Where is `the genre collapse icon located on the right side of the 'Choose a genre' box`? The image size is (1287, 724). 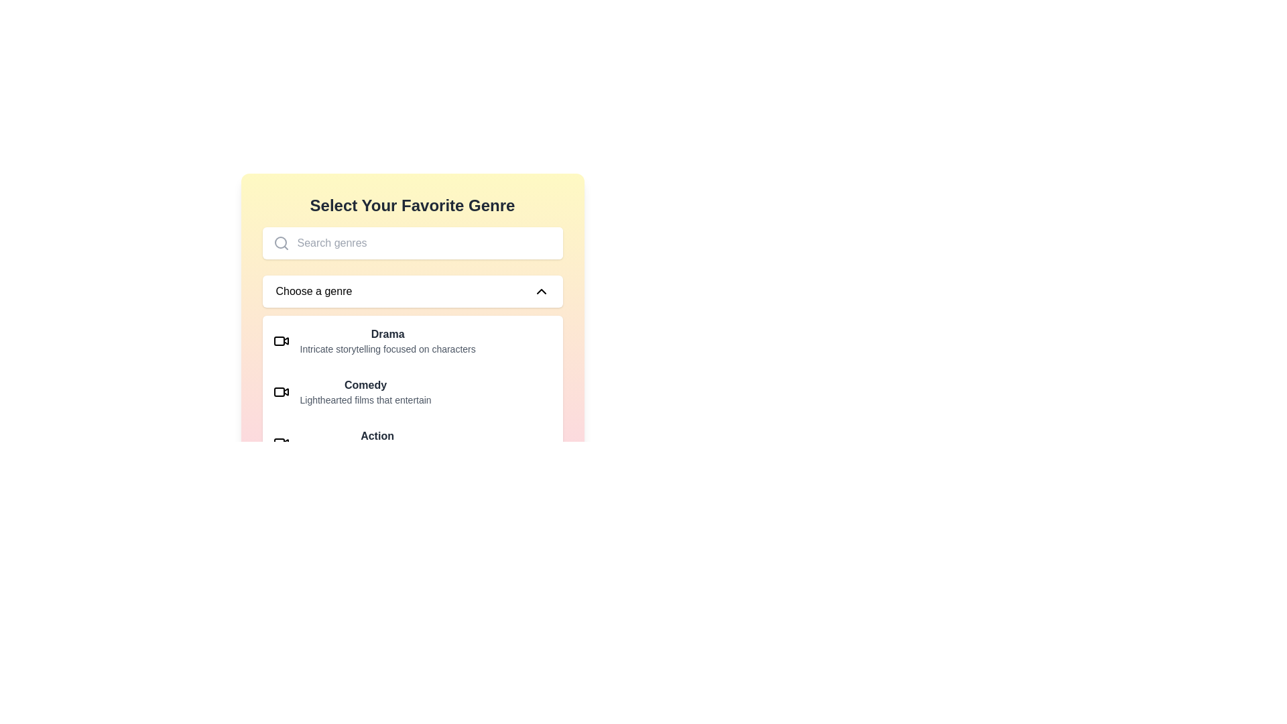
the genre collapse icon located on the right side of the 'Choose a genre' box is located at coordinates (541, 291).